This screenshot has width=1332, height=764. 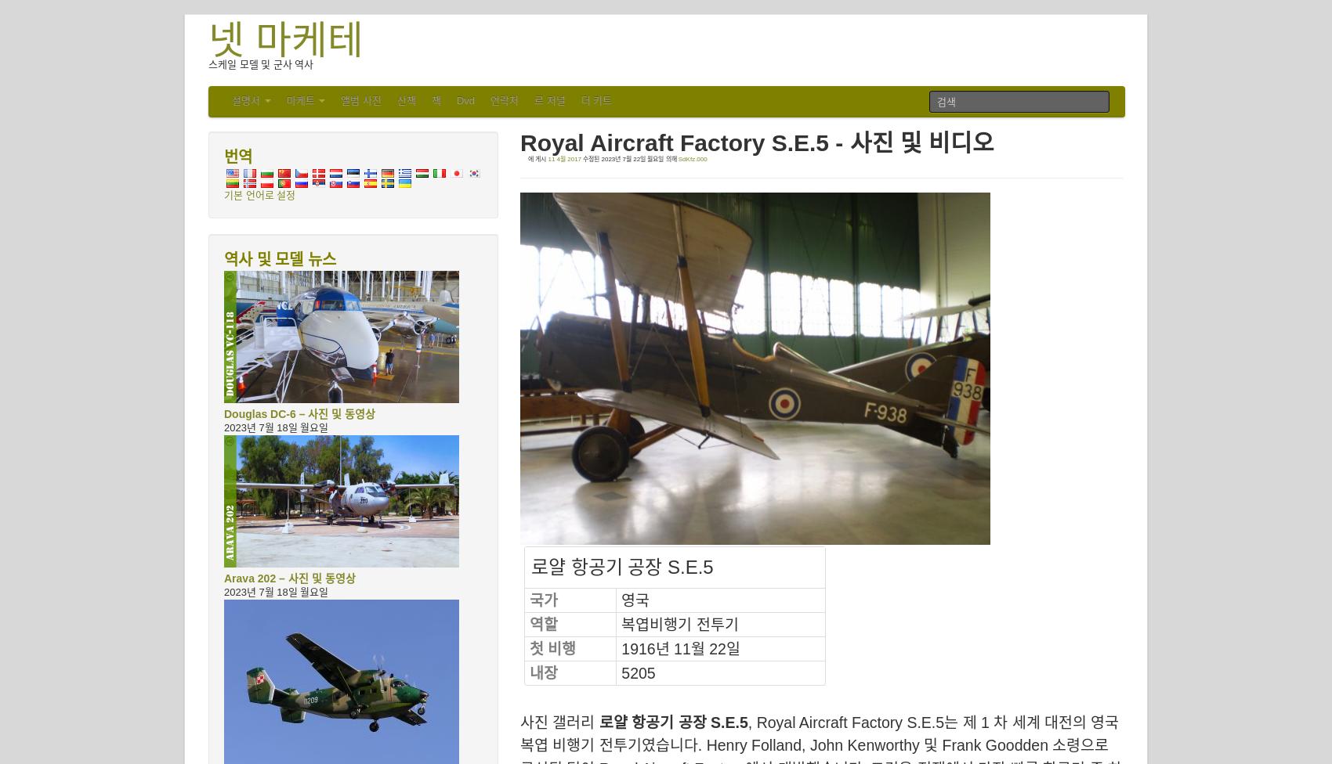 What do you see at coordinates (564, 158) in the screenshot?
I see `'11 4월 2017'` at bounding box center [564, 158].